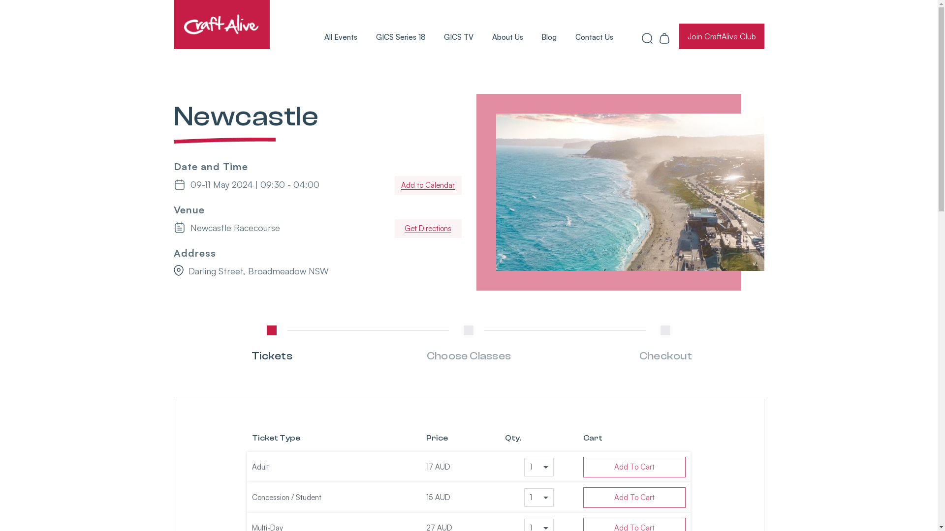 This screenshot has width=945, height=531. What do you see at coordinates (679, 35) in the screenshot?
I see `'Join CraftAlive Club'` at bounding box center [679, 35].